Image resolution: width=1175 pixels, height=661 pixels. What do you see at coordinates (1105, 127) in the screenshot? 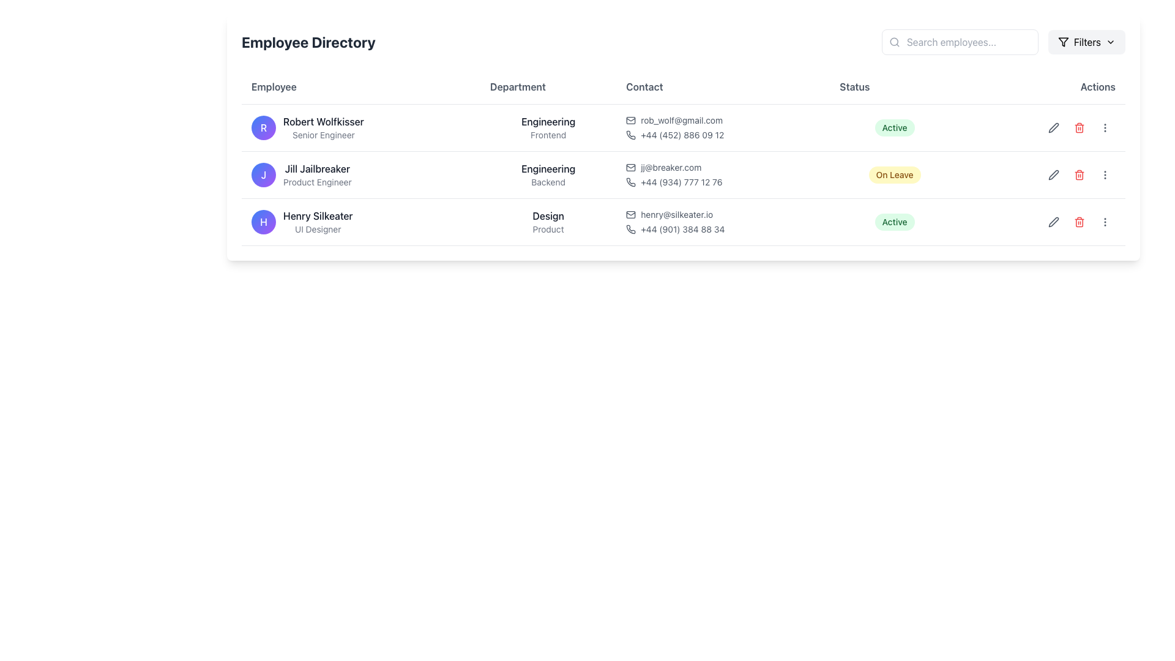
I see `the vertical ellipsis icon consisting of three vertically aligned gray dots in the 'Actions' column of the 'Employee Directory' table for Jill Jailbreaker` at bounding box center [1105, 127].